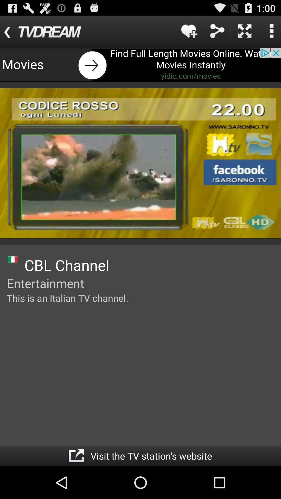 The height and width of the screenshot is (499, 281). I want to click on open tv station website, so click(76, 456).